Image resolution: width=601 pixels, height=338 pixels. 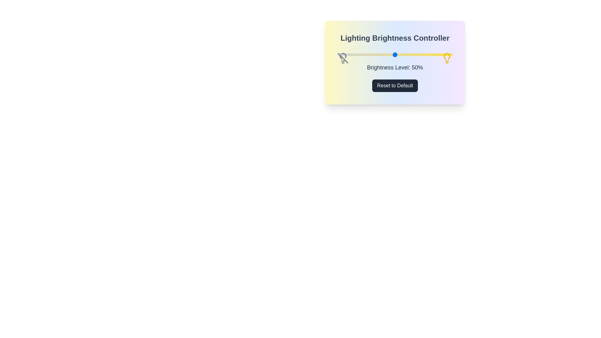 I want to click on the left lightbulb icon to toggle its state, so click(x=342, y=58).